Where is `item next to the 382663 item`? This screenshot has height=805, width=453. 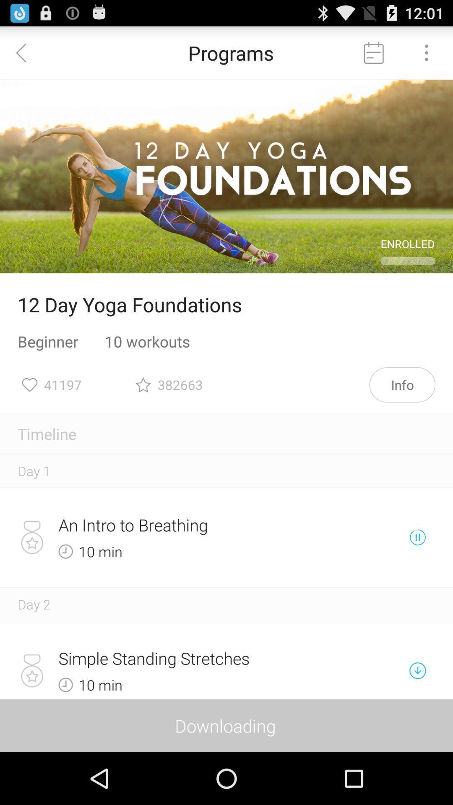 item next to the 382663 item is located at coordinates (402, 384).